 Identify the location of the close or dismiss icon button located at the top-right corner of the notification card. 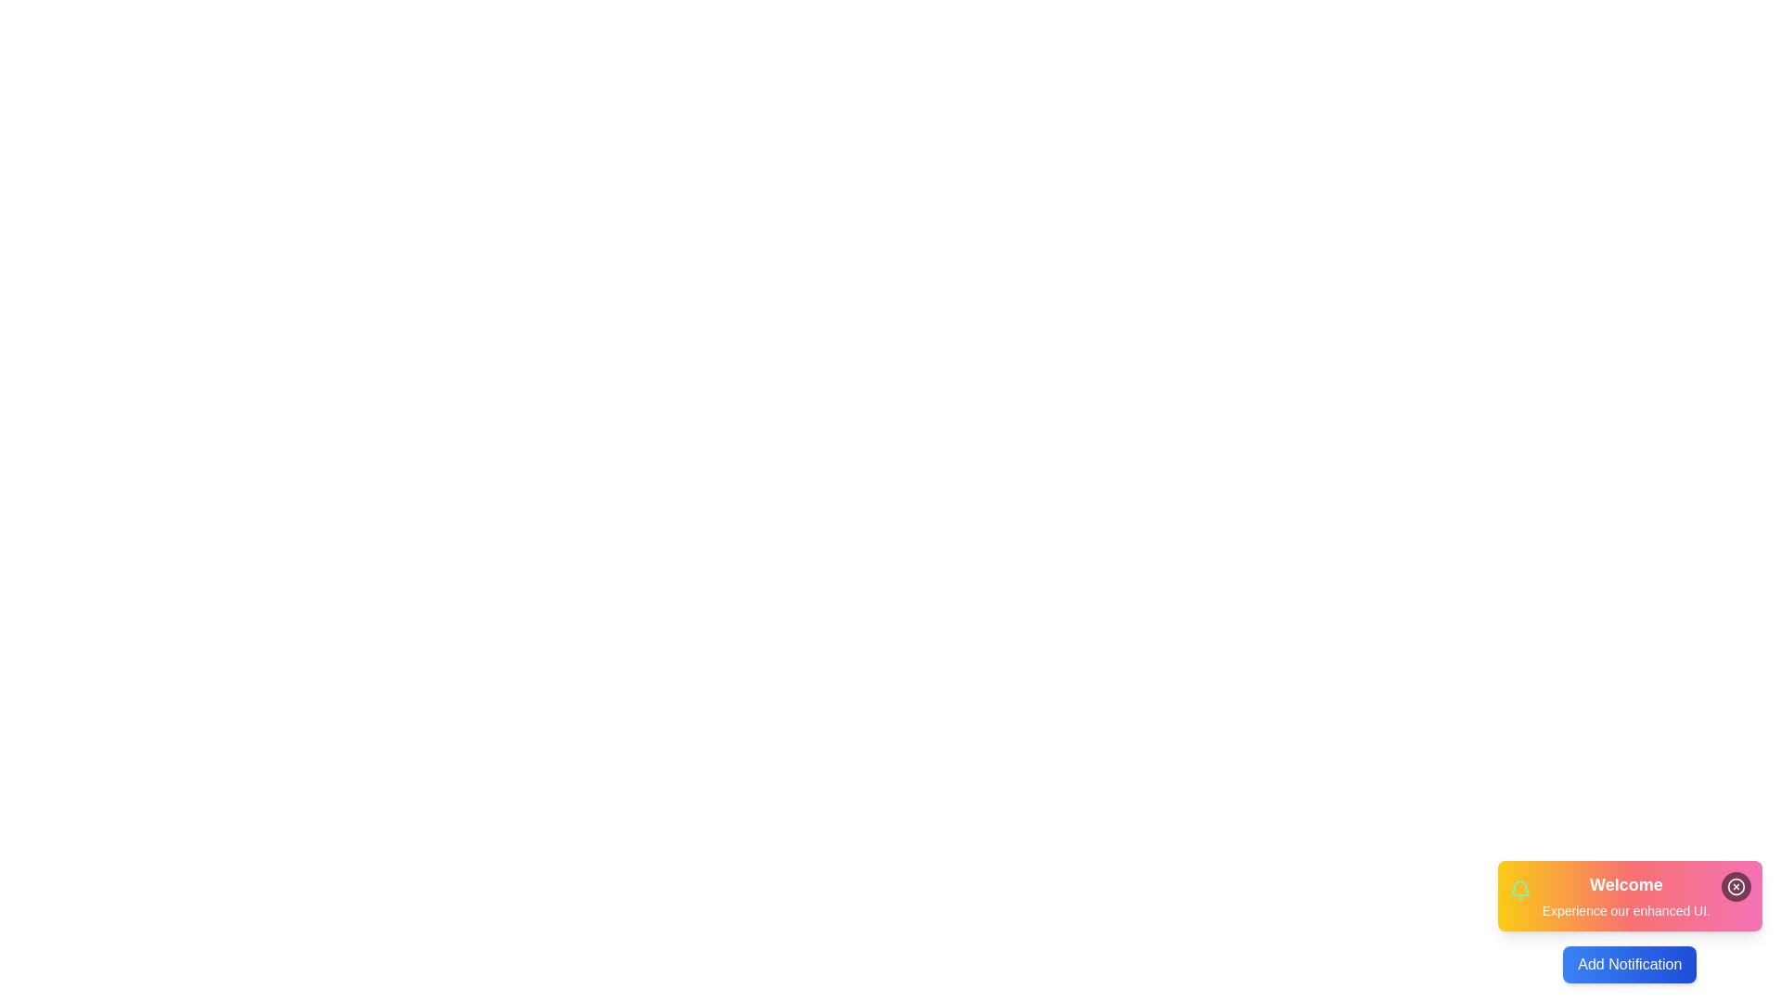
(1736, 886).